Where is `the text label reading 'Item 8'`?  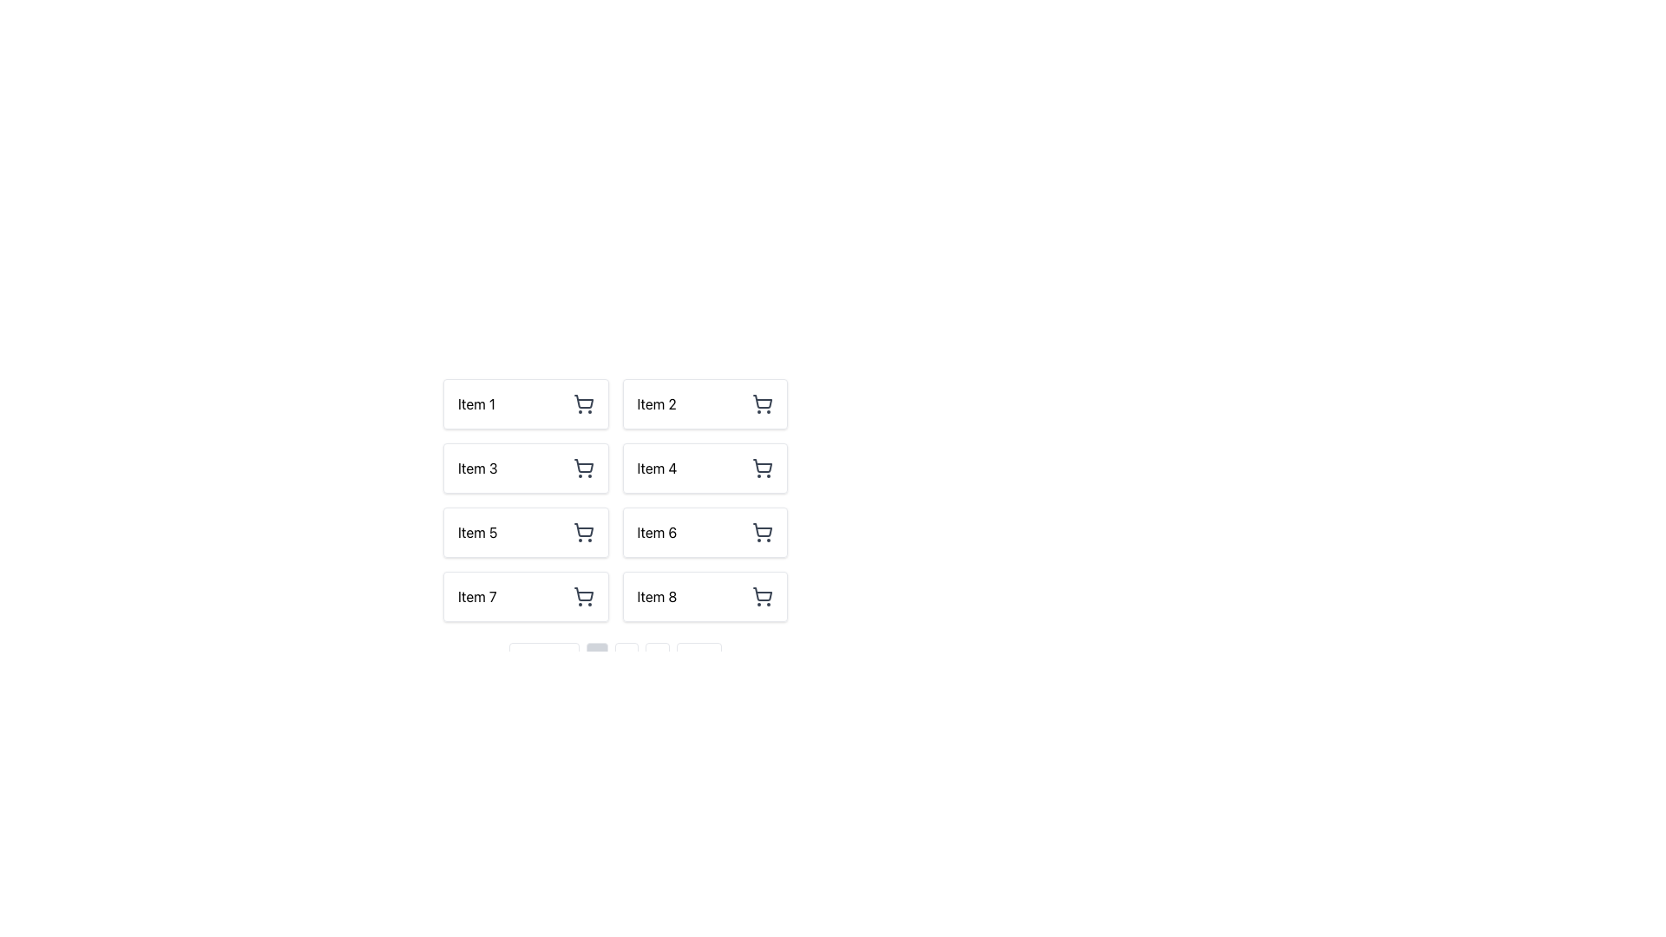
the text label reading 'Item 8' is located at coordinates (656, 595).